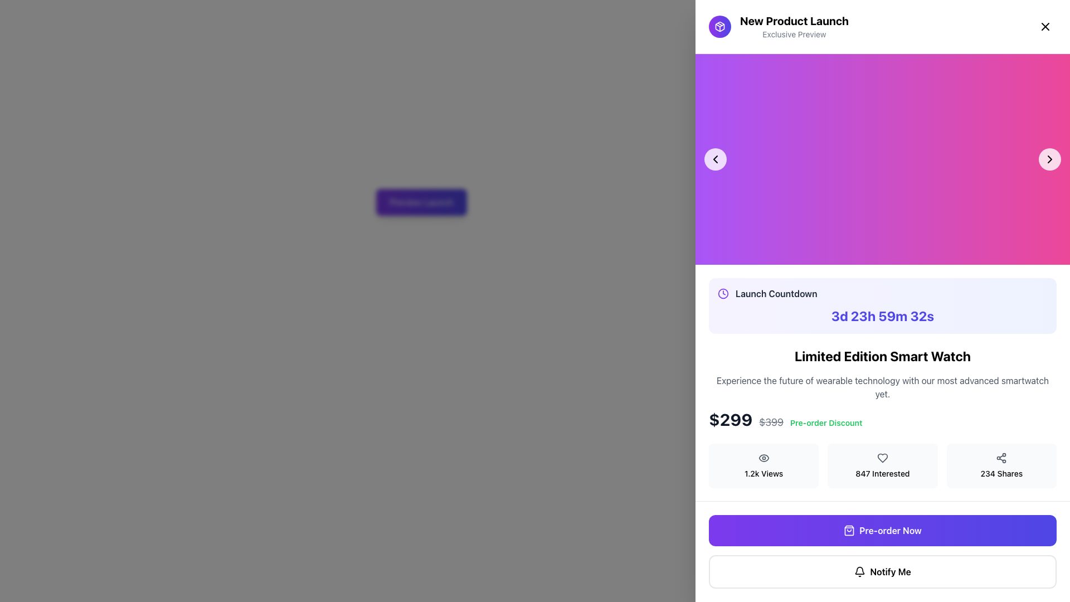 The width and height of the screenshot is (1070, 602). Describe the element at coordinates (882, 458) in the screenshot. I see `the heart icon in the middle of the group of three icons near the bottom of the card labeled '847 Interested'` at that location.